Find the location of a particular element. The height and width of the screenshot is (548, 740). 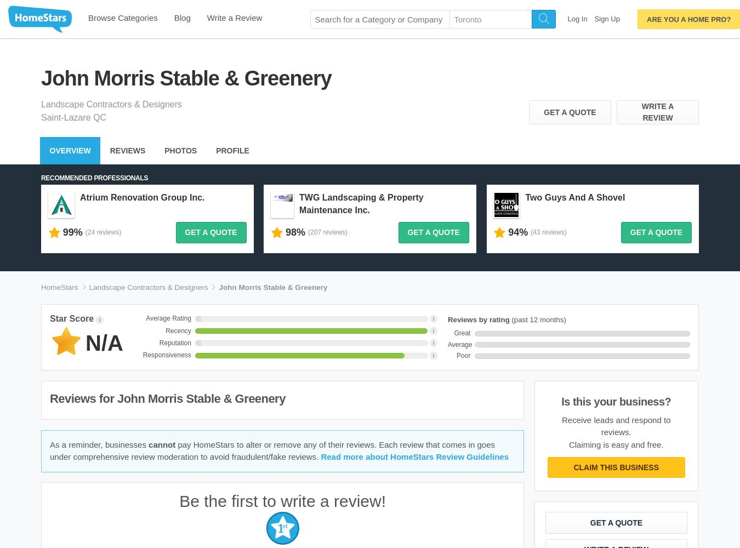

'43' is located at coordinates (536, 232).